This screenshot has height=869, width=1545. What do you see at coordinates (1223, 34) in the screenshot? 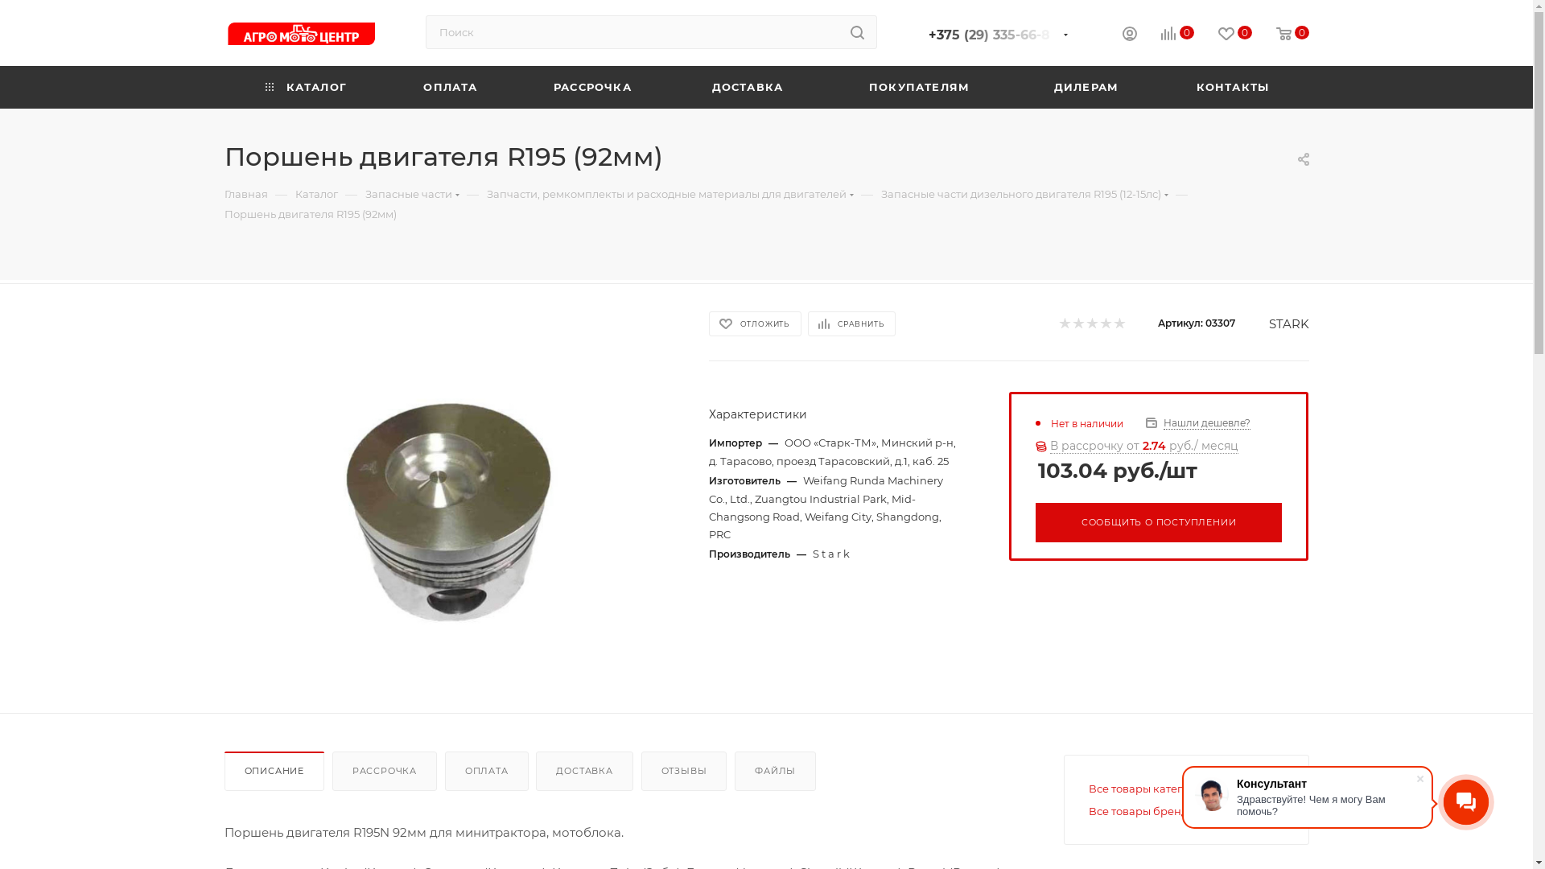
I see `'0'` at bounding box center [1223, 34].